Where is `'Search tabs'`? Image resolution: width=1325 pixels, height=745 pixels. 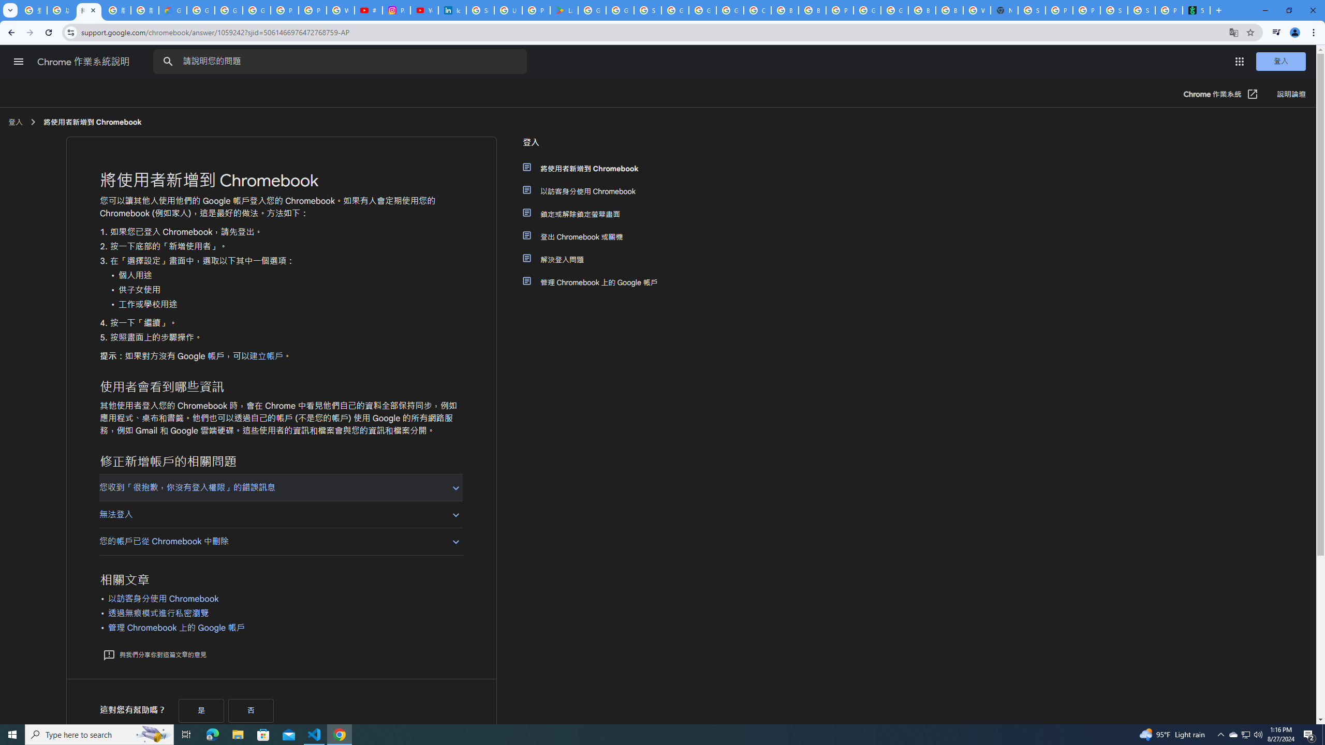
'Search tabs' is located at coordinates (10, 10).